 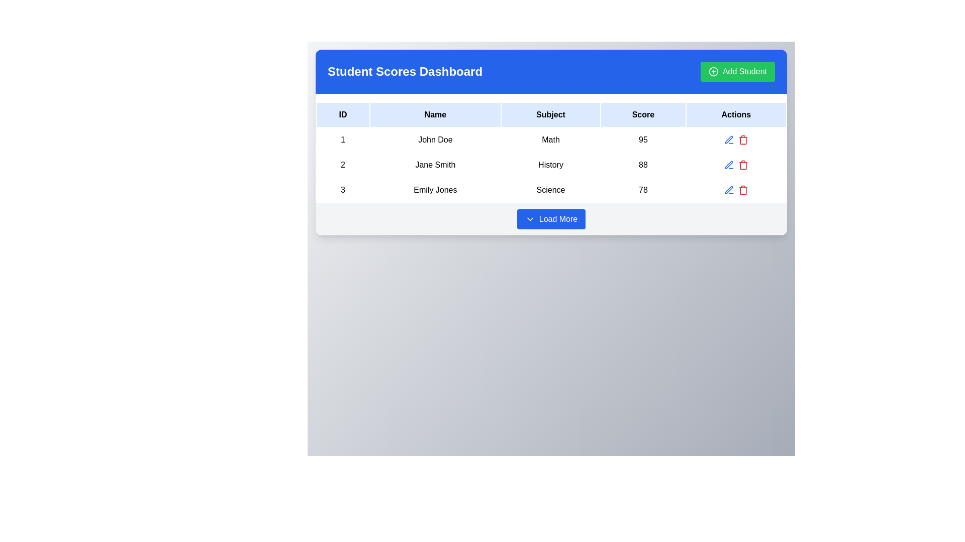 I want to click on the table row containing student 'Jane Smith' with ID '2', subject 'History', and score '88', so click(x=551, y=164).